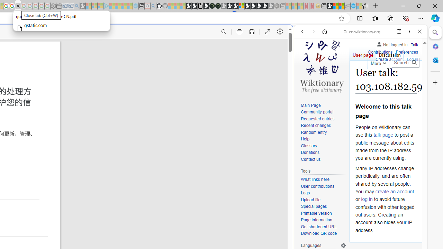  I want to click on 'Play Cave FRVR in your browser | Games from Microsoft Start', so click(229, 6).